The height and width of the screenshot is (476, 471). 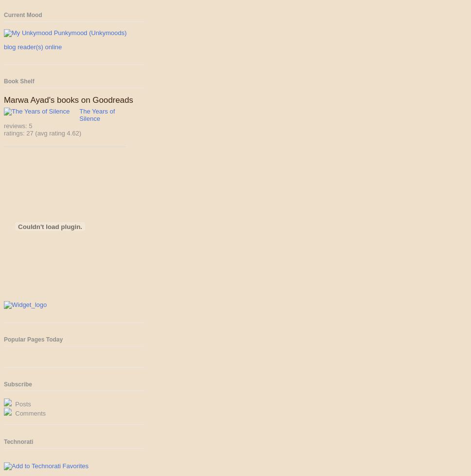 What do you see at coordinates (97, 114) in the screenshot?
I see `'The Years of Silence'` at bounding box center [97, 114].